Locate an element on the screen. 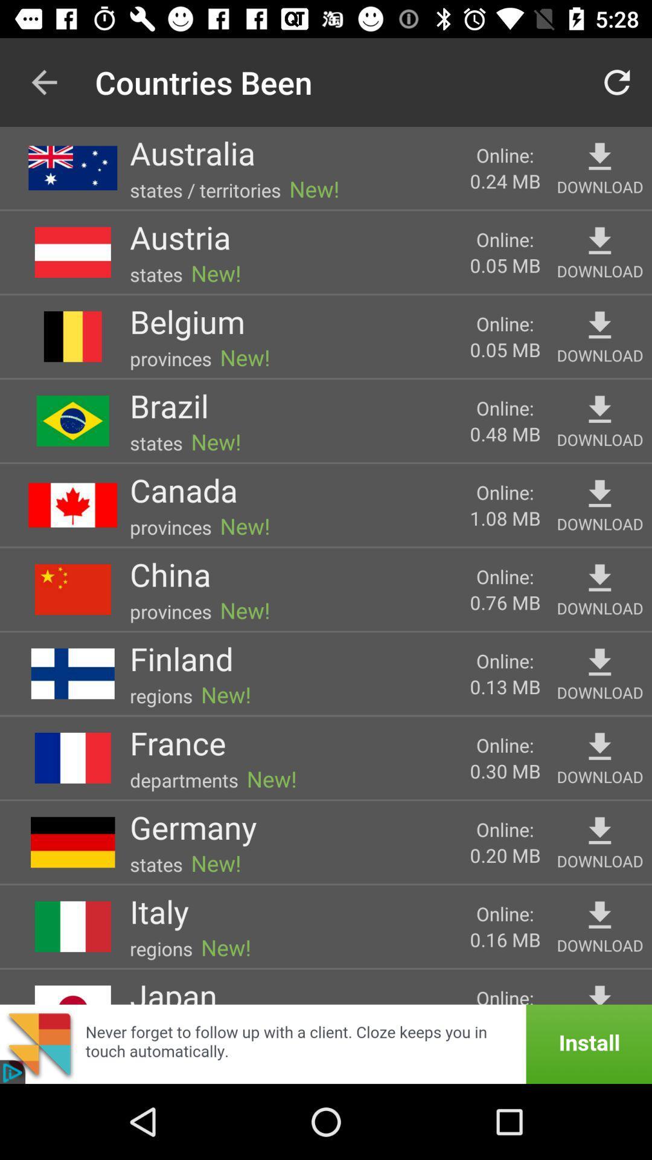  directions is located at coordinates (599, 156).